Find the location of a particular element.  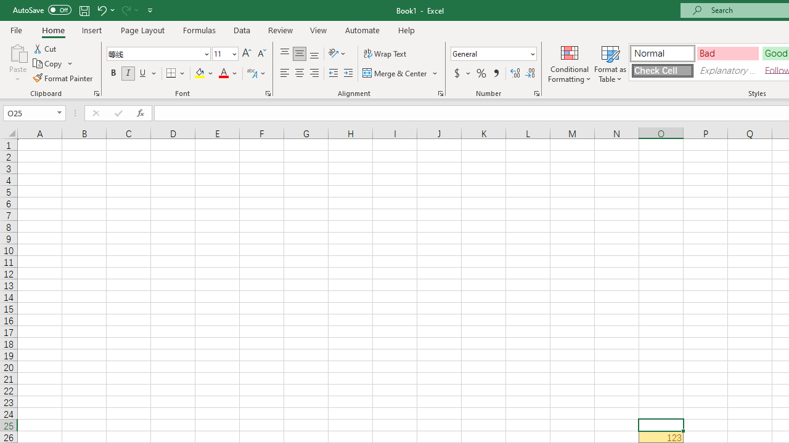

'Font Color' is located at coordinates (228, 73).